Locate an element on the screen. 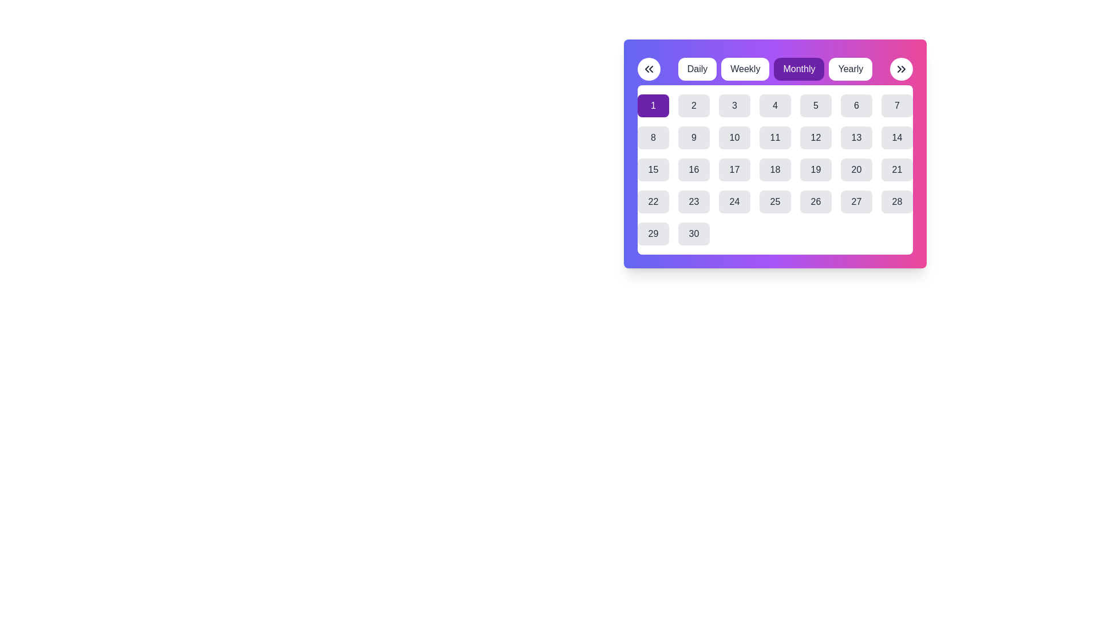 Image resolution: width=1099 pixels, height=618 pixels. the button representing the 11th day of the month in the calendar, located in the second row and fourth column of the date buttons grid is located at coordinates (775, 137).